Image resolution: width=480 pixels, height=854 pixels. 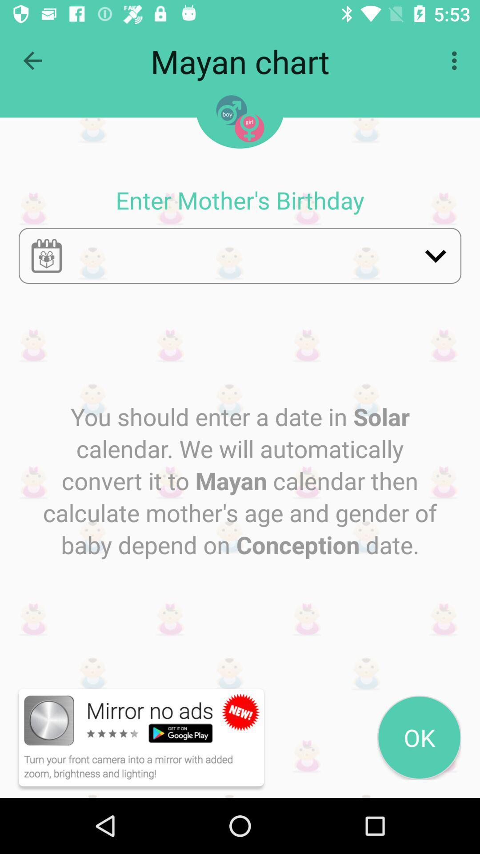 I want to click on move to the icon on the right next to the text mirror no ads, so click(x=241, y=712).